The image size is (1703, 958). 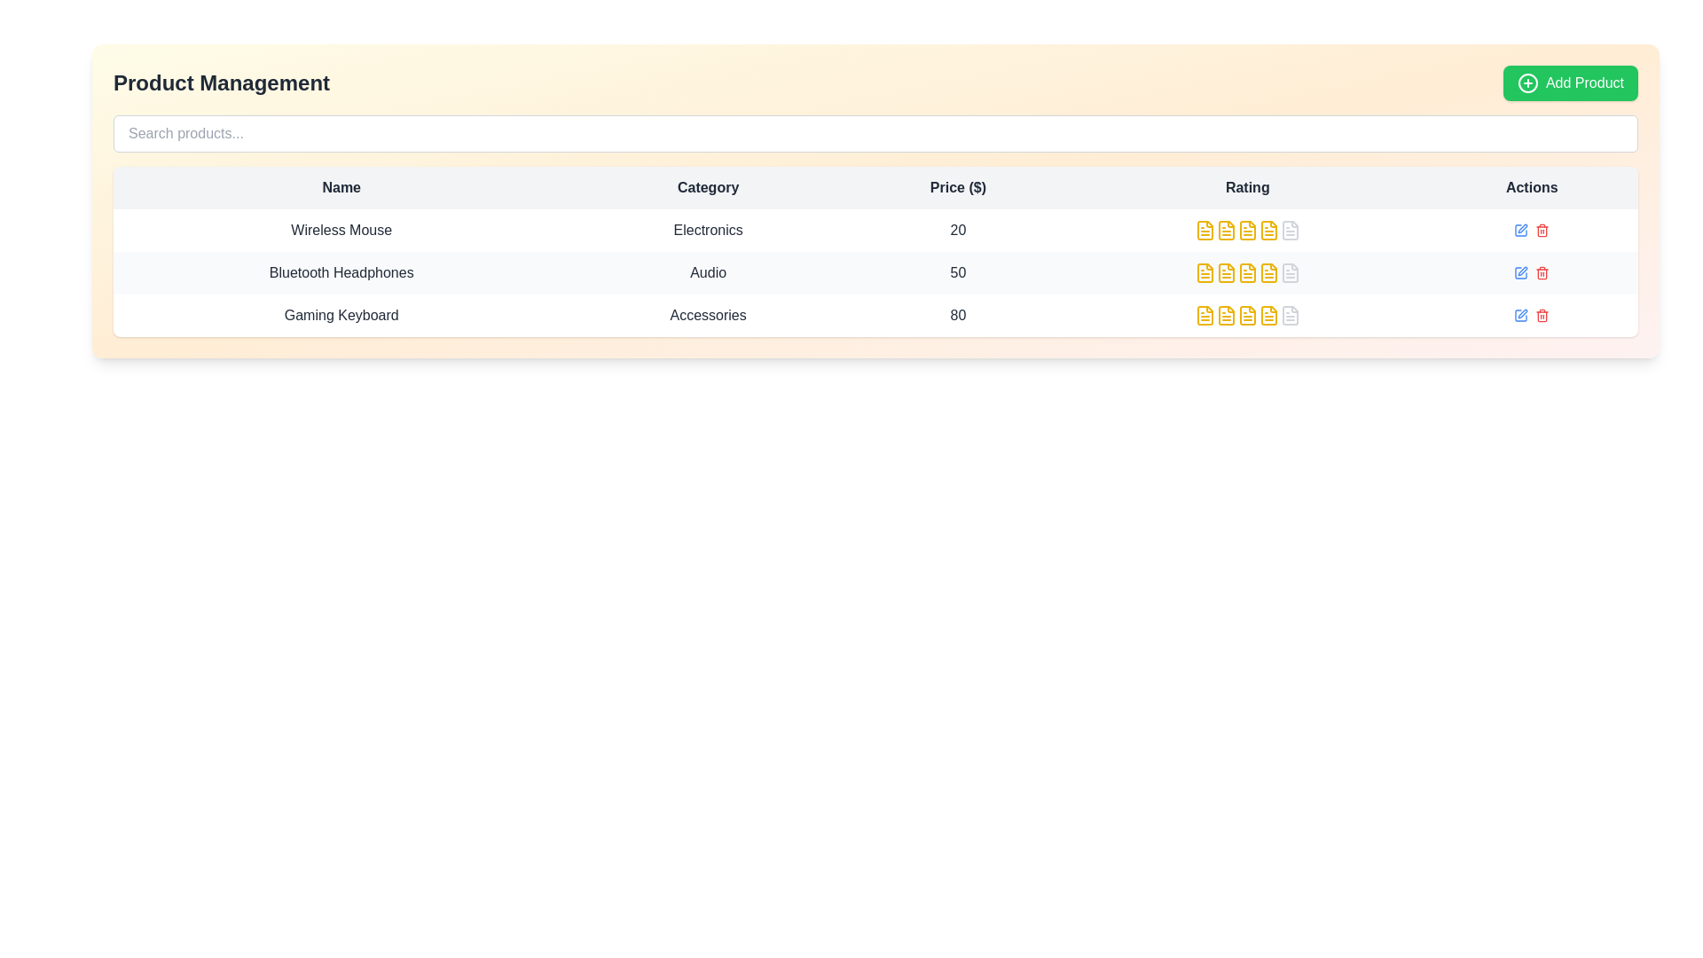 What do you see at coordinates (1225, 273) in the screenshot?
I see `the yellow document icon representing textual content, located in the second row of the 'Rating' column as the third icon` at bounding box center [1225, 273].